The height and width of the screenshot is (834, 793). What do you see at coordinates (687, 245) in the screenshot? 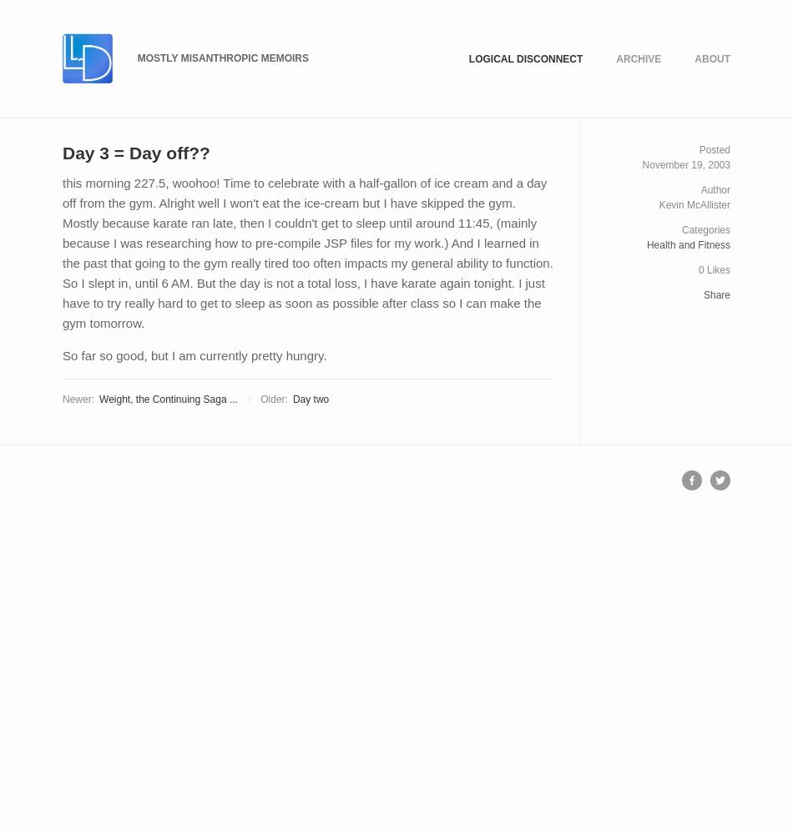
I see `'Health and Fitness'` at bounding box center [687, 245].